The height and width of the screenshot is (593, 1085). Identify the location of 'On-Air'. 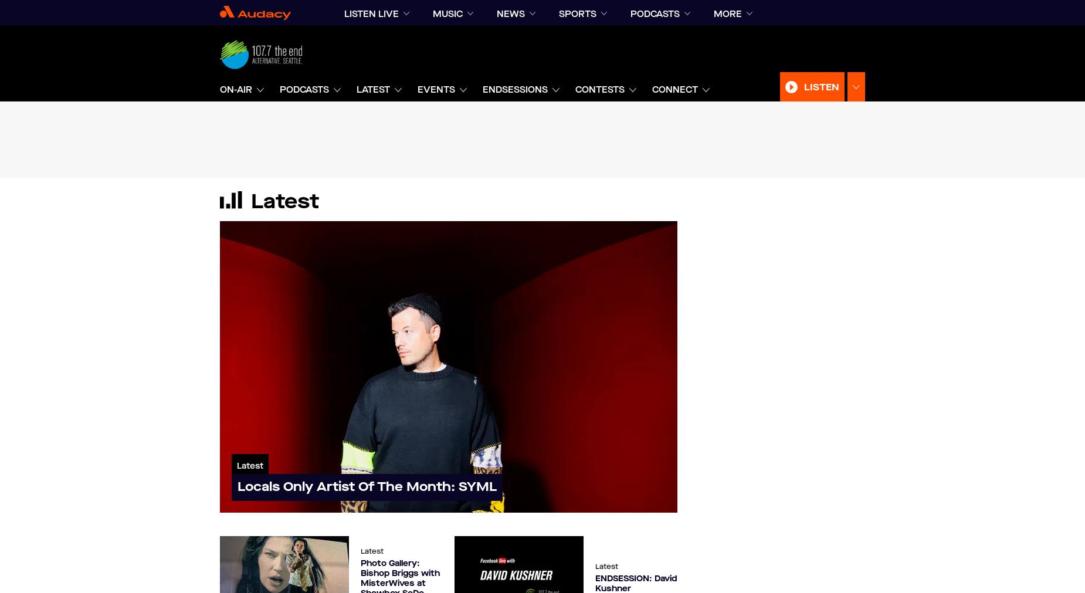
(235, 89).